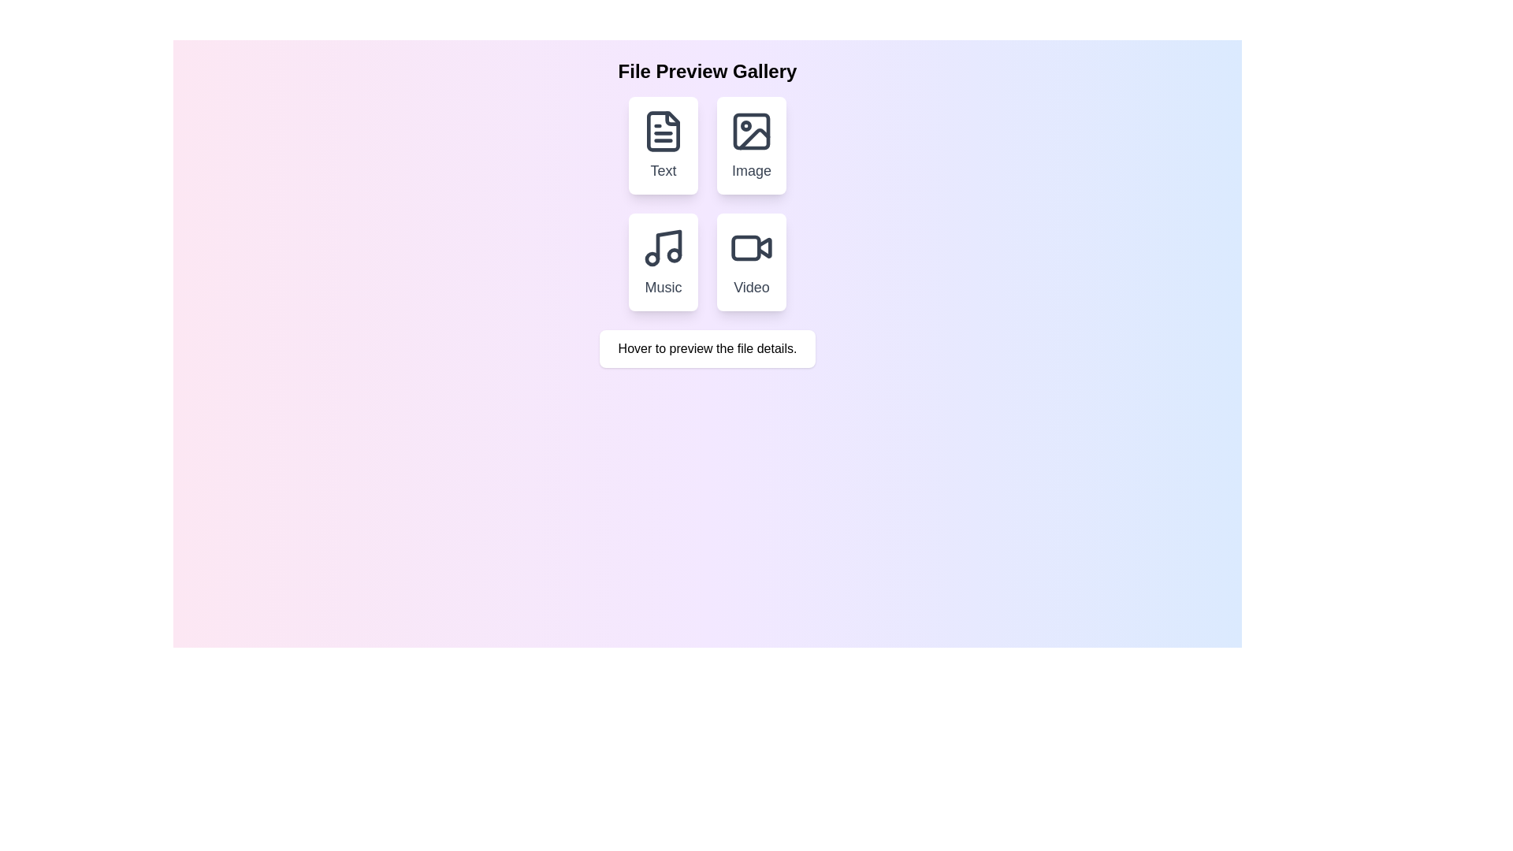  What do you see at coordinates (751, 288) in the screenshot?
I see `the static text label displaying 'Video' in dark gray color, located at the bottom of the video camera icon card in the second row and second column of the grid` at bounding box center [751, 288].